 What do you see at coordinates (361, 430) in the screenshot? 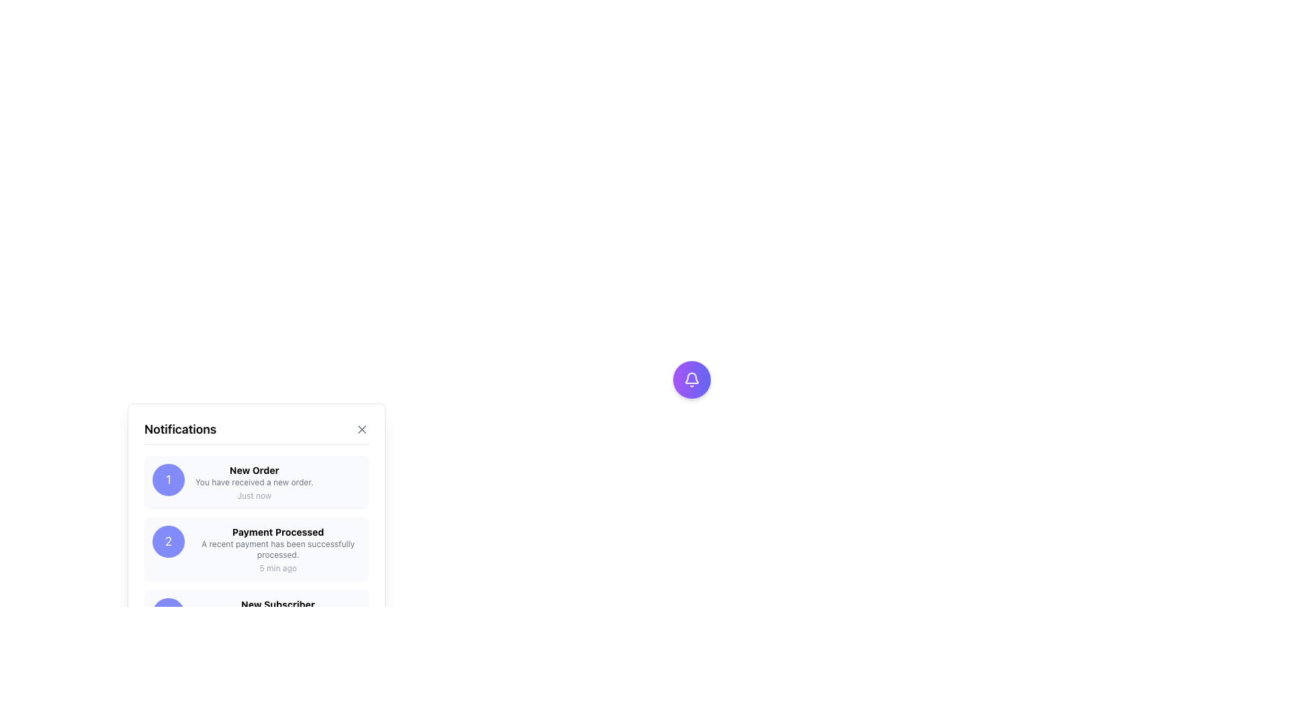
I see `the cross icon (X) in the top-right corner of the notifications panel` at bounding box center [361, 430].